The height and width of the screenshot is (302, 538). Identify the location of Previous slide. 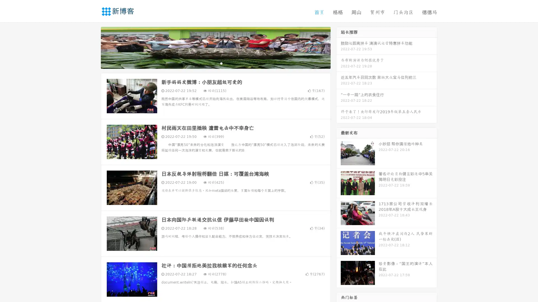
(92, 47).